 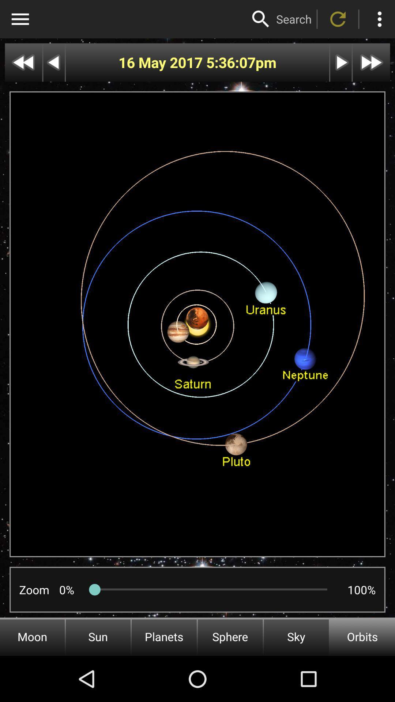 I want to click on icon to the left of pm app, so click(x=231, y=63).